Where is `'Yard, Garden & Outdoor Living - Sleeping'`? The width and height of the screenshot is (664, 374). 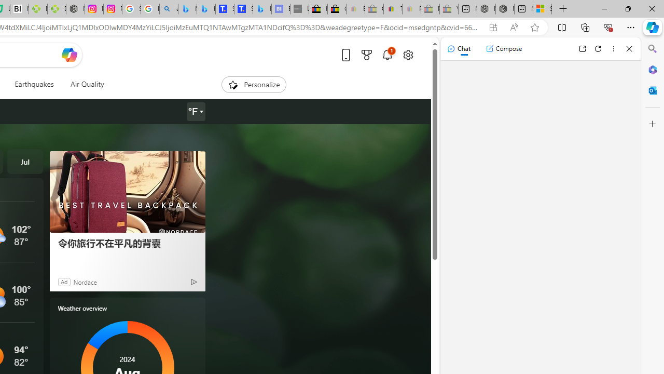
'Yard, Garden & Outdoor Living - Sleeping' is located at coordinates (449, 9).